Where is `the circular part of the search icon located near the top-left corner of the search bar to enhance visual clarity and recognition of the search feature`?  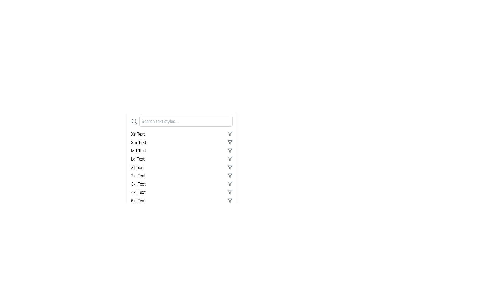
the circular part of the search icon located near the top-left corner of the search bar to enhance visual clarity and recognition of the search feature is located at coordinates (134, 121).